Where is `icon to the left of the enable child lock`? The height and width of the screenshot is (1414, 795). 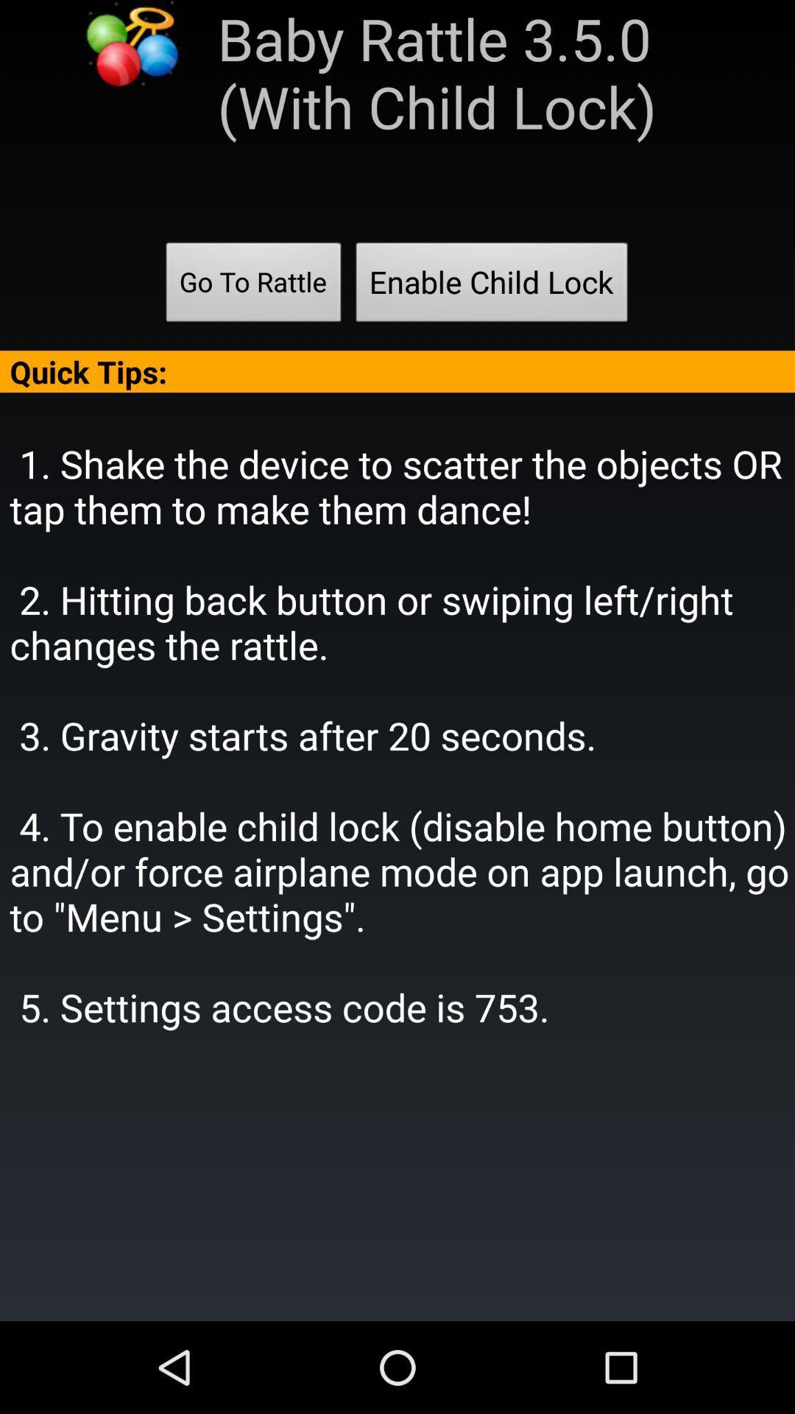
icon to the left of the enable child lock is located at coordinates (252, 286).